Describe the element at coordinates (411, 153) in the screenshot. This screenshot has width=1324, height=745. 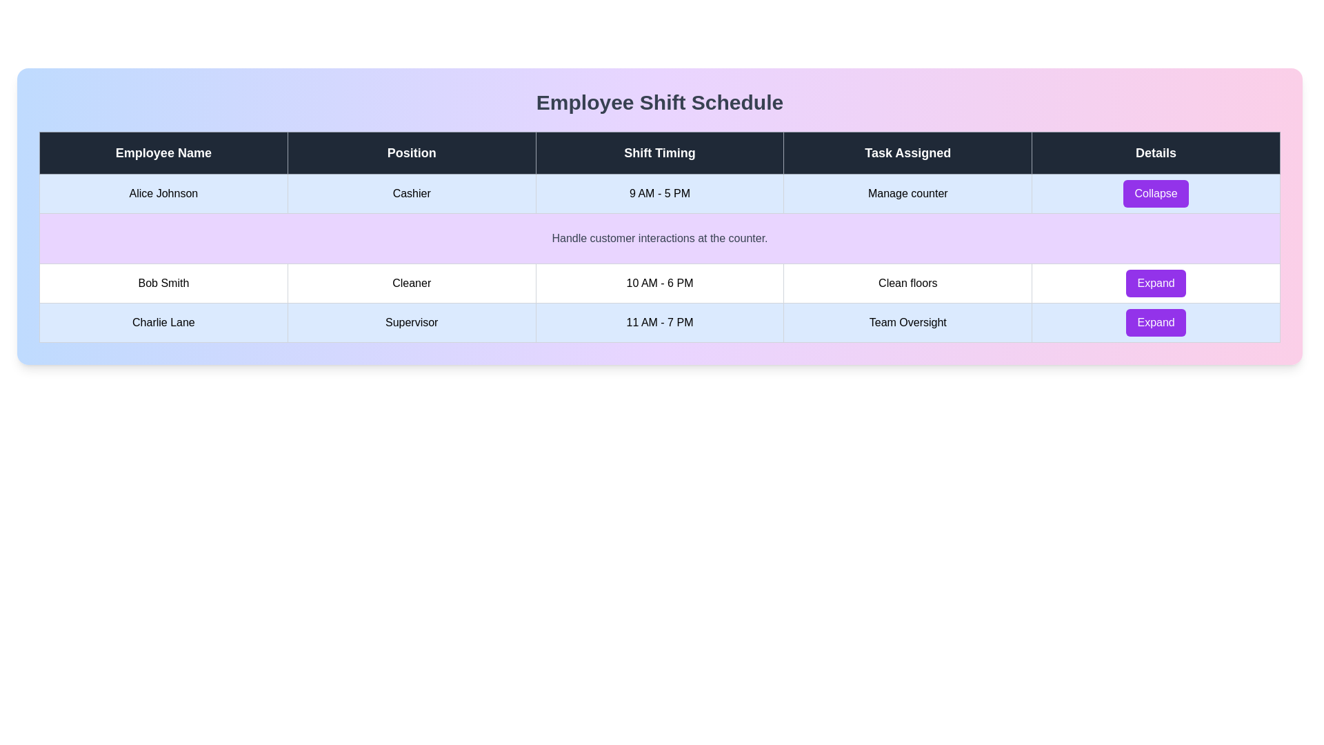
I see `the 'Position' column header in the table, which is the second header to the right of 'Employee Name' and to the left of 'Shift Timing'` at that location.